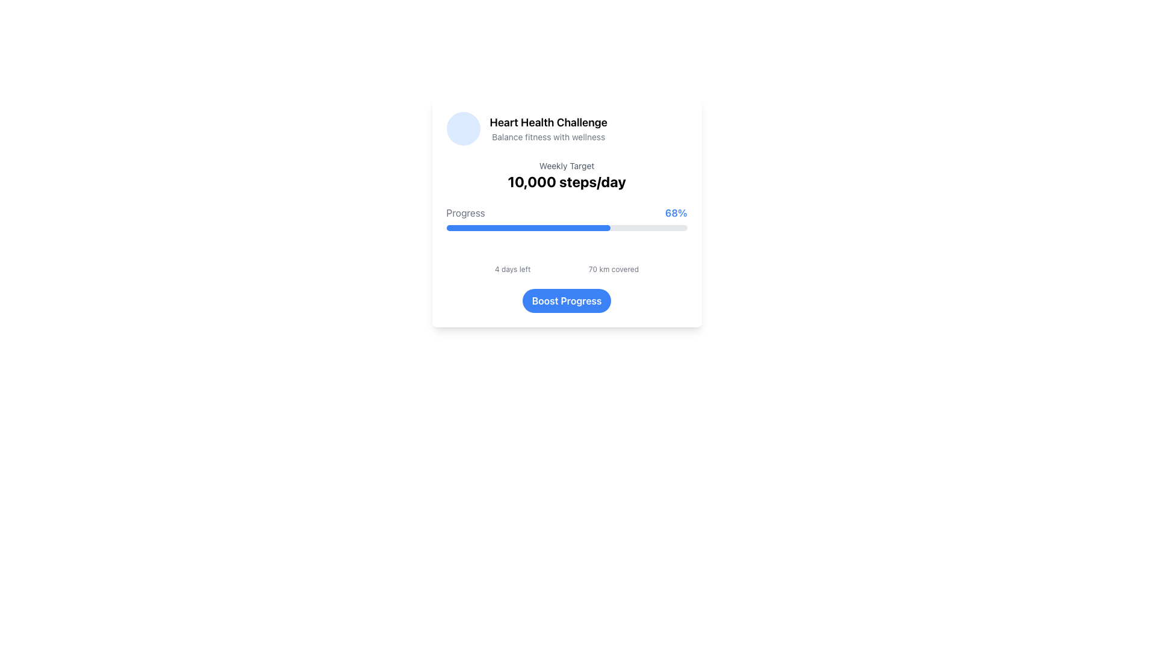 Image resolution: width=1156 pixels, height=650 pixels. I want to click on the text label that reads '70 km covered', styled in a small, gray font, located at the bottom-middle of the progress card, below the main progress indicators, so click(614, 268).